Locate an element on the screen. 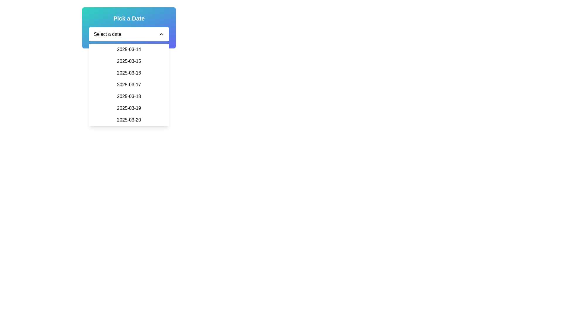 Image resolution: width=563 pixels, height=317 pixels. the list item displaying the date '2025-03-19' is located at coordinates (129, 108).